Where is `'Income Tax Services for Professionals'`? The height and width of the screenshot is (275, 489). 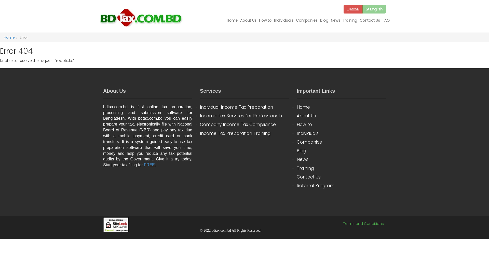
'Income Tax Services for Professionals' is located at coordinates (200, 116).